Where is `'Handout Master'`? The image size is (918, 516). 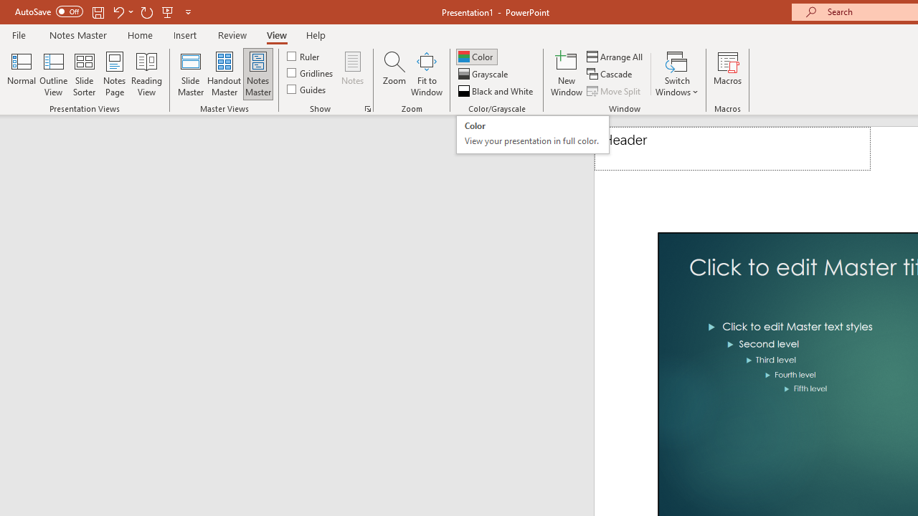 'Handout Master' is located at coordinates (223, 74).